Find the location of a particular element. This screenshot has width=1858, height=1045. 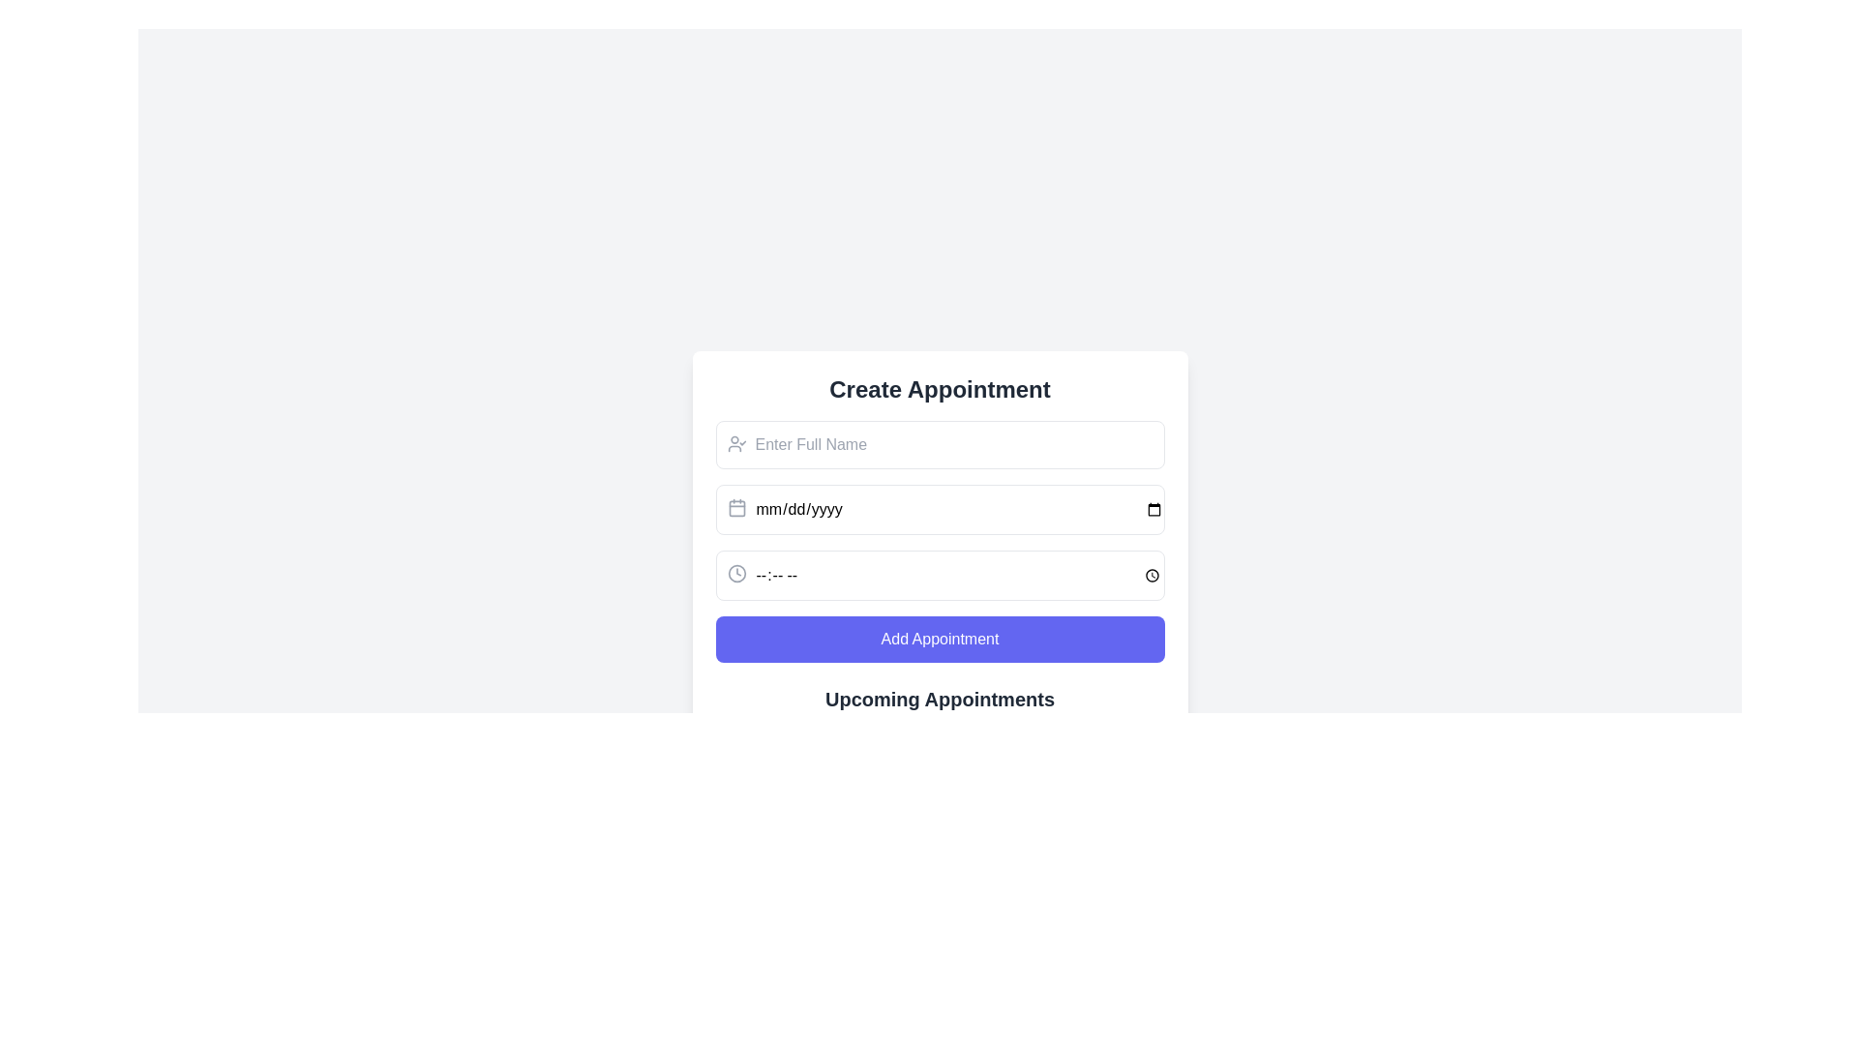

the Date input field located under the 'Create Appointment' section to focus on it is located at coordinates (940, 509).